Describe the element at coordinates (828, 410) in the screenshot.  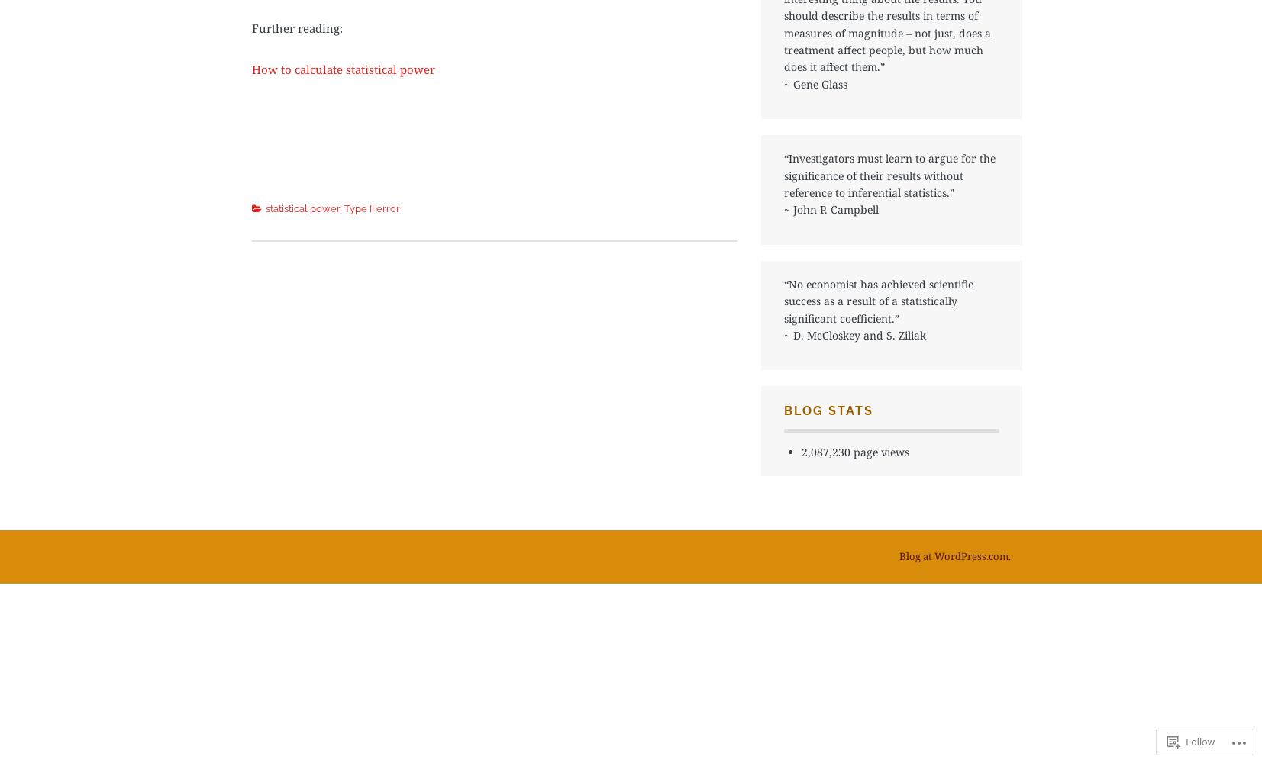
I see `'Blog Stats'` at that location.